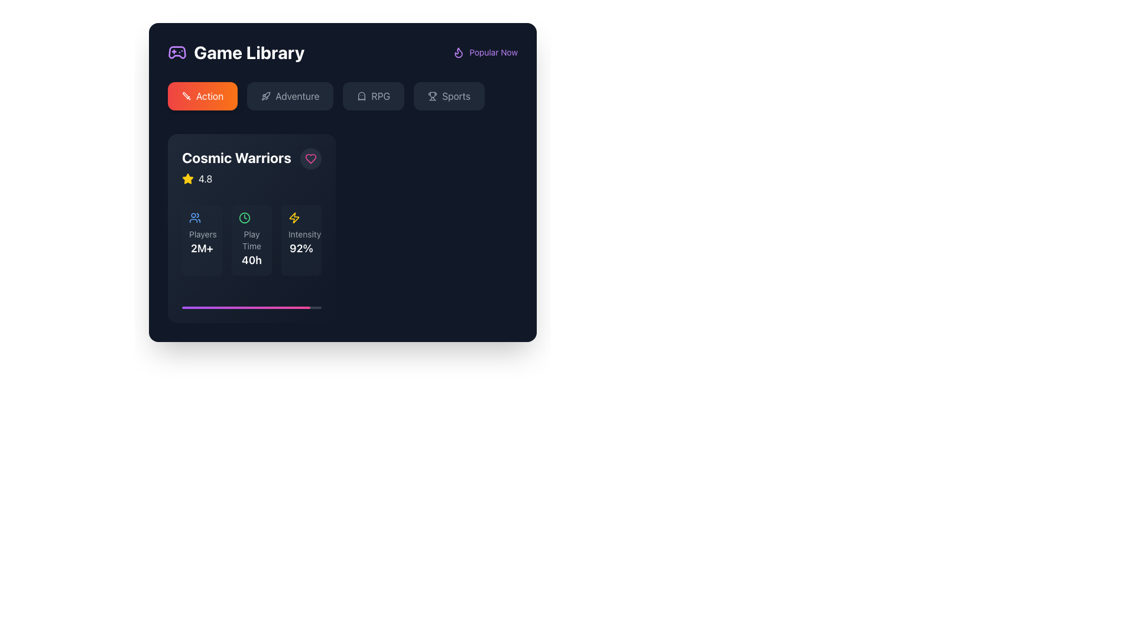  What do you see at coordinates (251, 240) in the screenshot?
I see `the Information block that displays the total estimated playtime for the game, located between the 'Players 2M+' block and the 'Intensity 92%' block` at bounding box center [251, 240].